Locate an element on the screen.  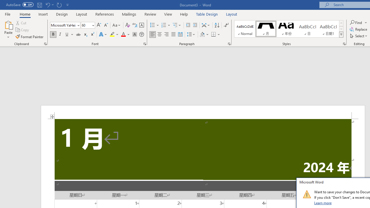
'Undo Apply Quick Style' is located at coordinates (49, 5).